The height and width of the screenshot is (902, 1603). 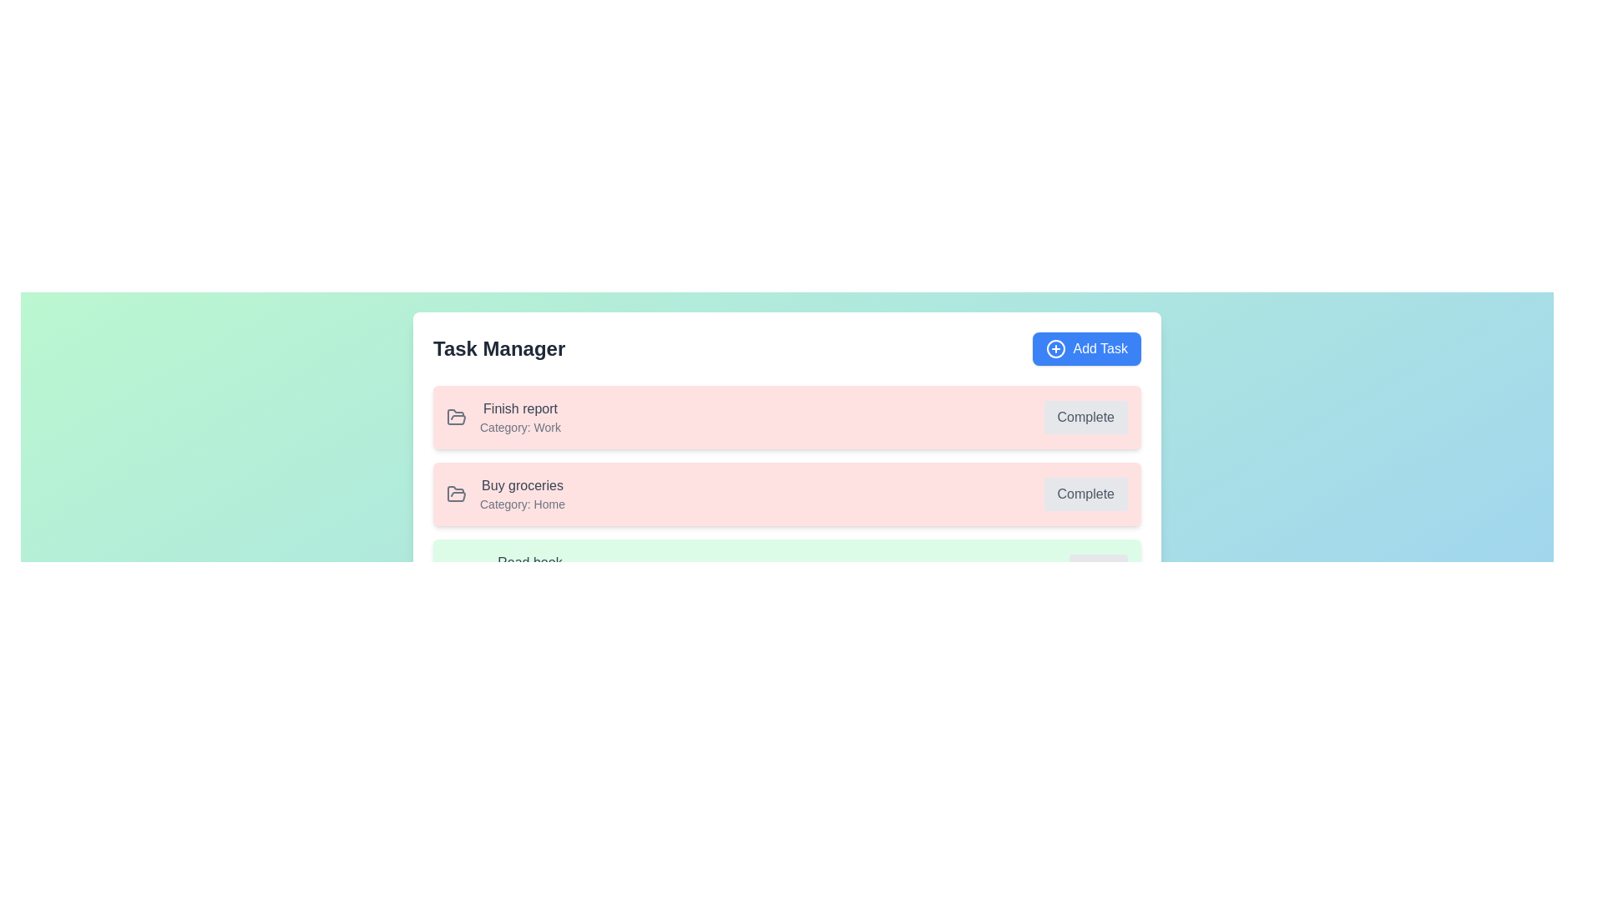 What do you see at coordinates (521, 486) in the screenshot?
I see `the static text label displaying 'Buy groceries' in the second task card of the Task Manager, positioned above the 'Category: Home' label` at bounding box center [521, 486].